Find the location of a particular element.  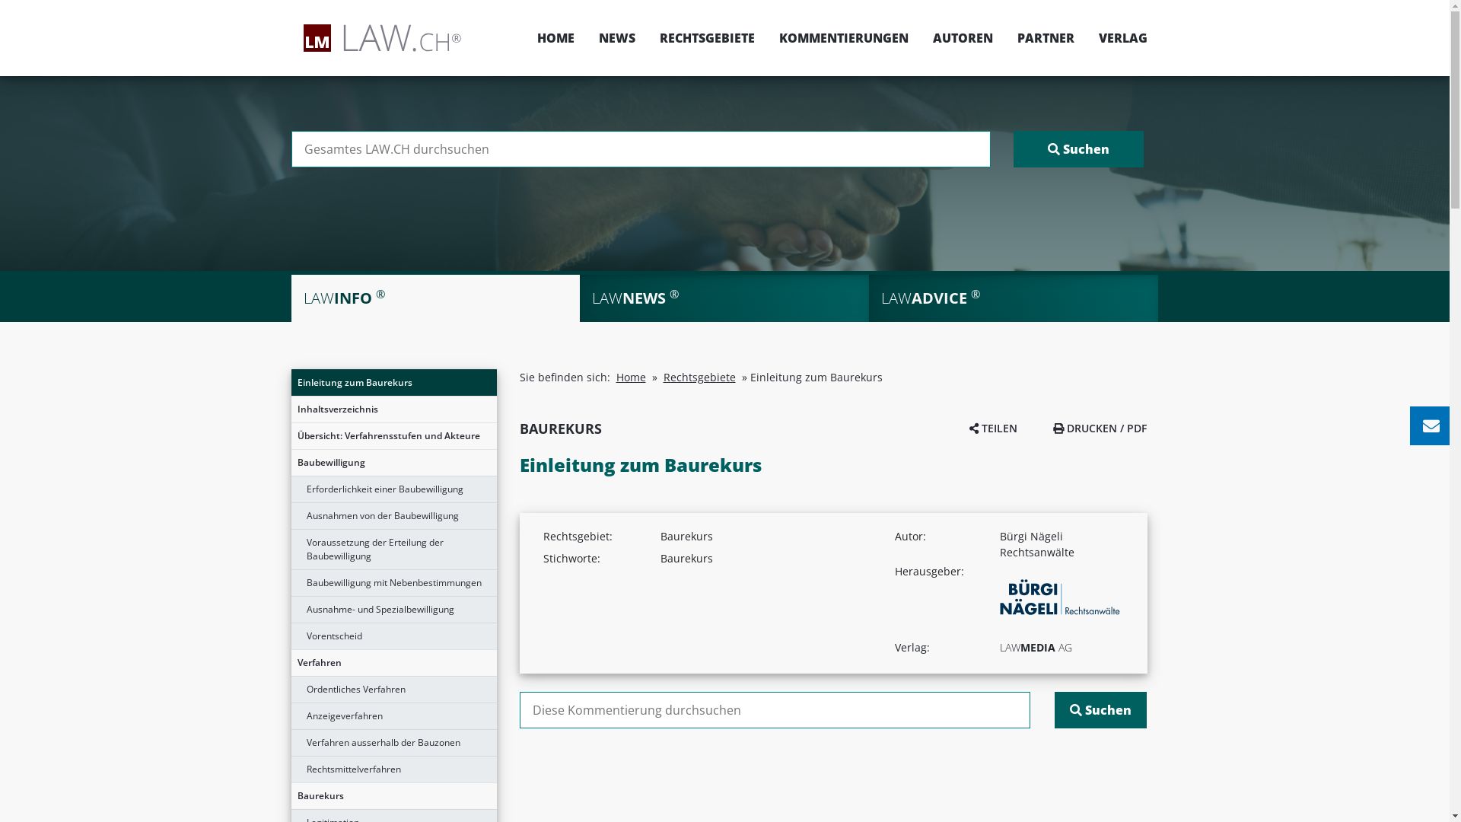

' DRUCKEN / PDF' is located at coordinates (1052, 428).